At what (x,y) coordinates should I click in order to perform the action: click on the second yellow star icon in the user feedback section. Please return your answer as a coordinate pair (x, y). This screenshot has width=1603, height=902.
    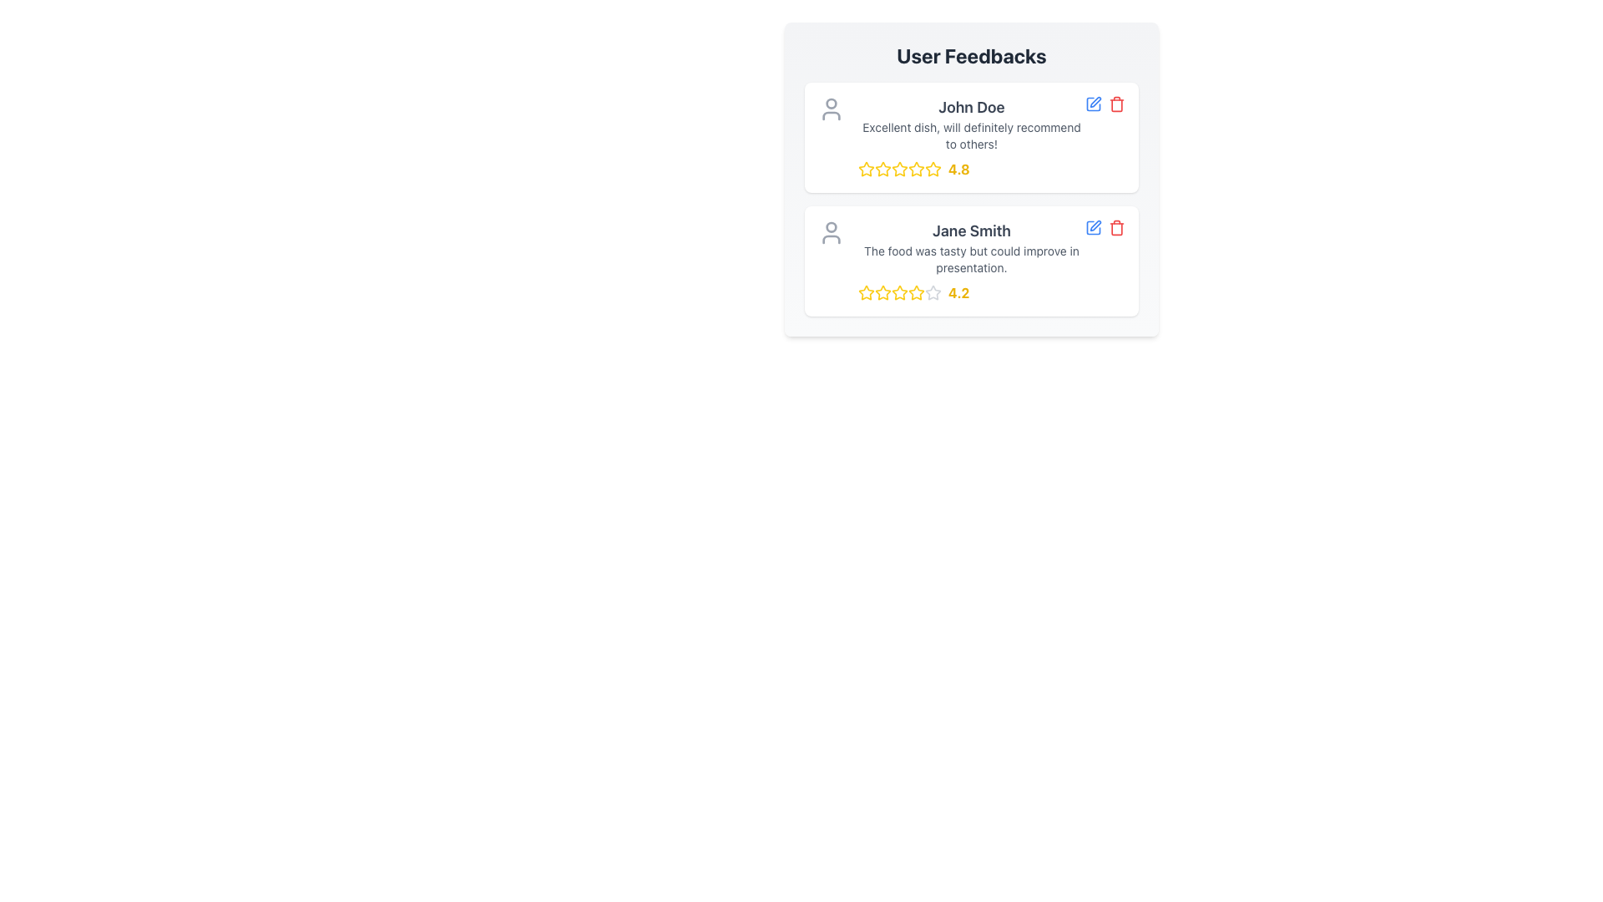
    Looking at the image, I should click on (882, 170).